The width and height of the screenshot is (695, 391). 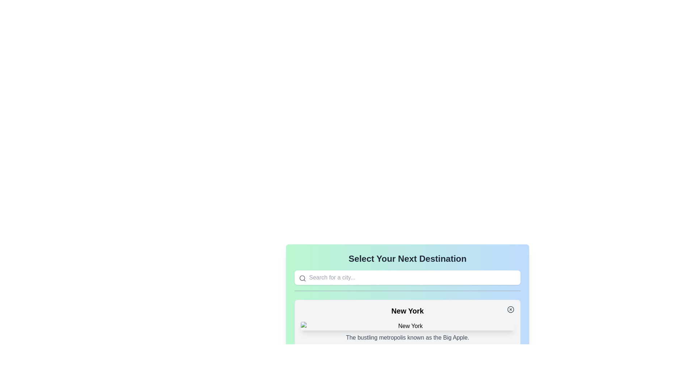 I want to click on the small, circular 'close' icon button in the top-right corner of the content box to observe its hover effect, so click(x=510, y=310).